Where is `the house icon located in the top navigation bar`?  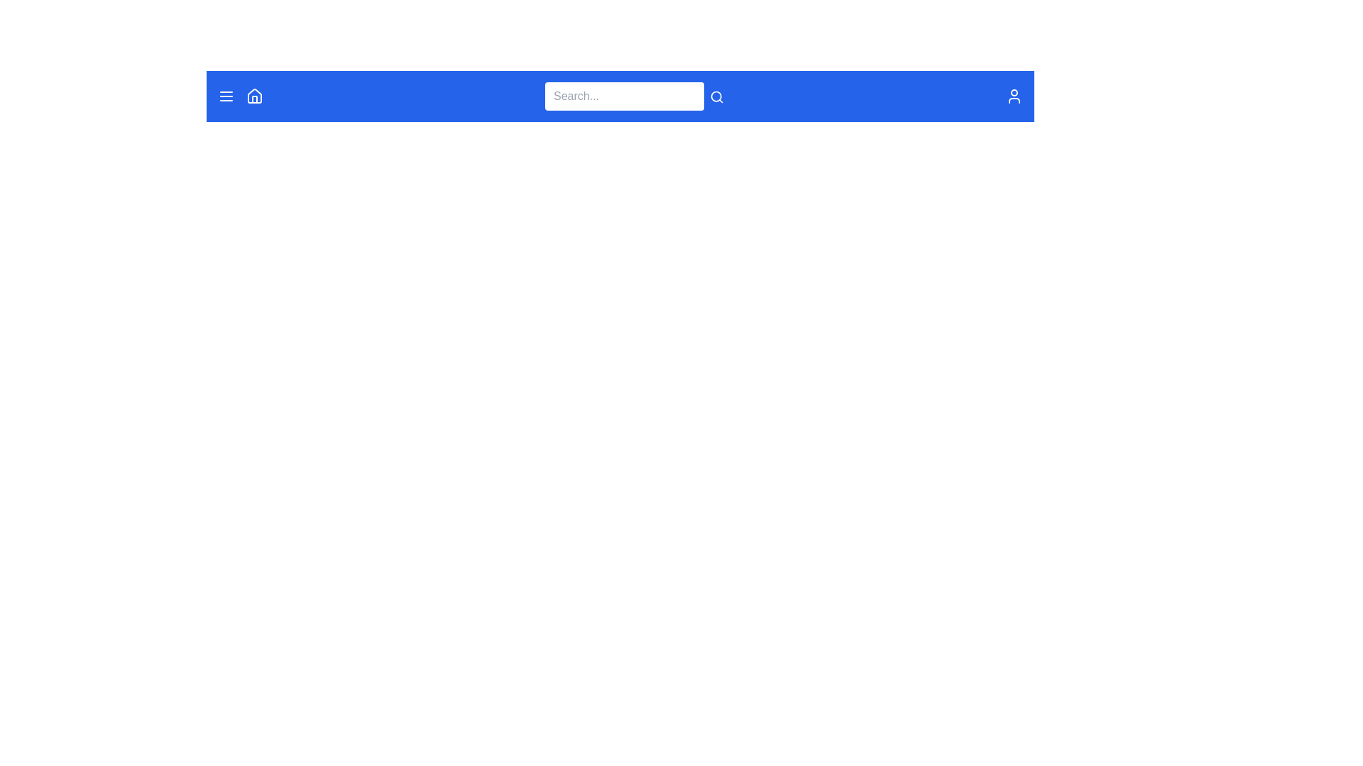
the house icon located in the top navigation bar is located at coordinates (255, 96).